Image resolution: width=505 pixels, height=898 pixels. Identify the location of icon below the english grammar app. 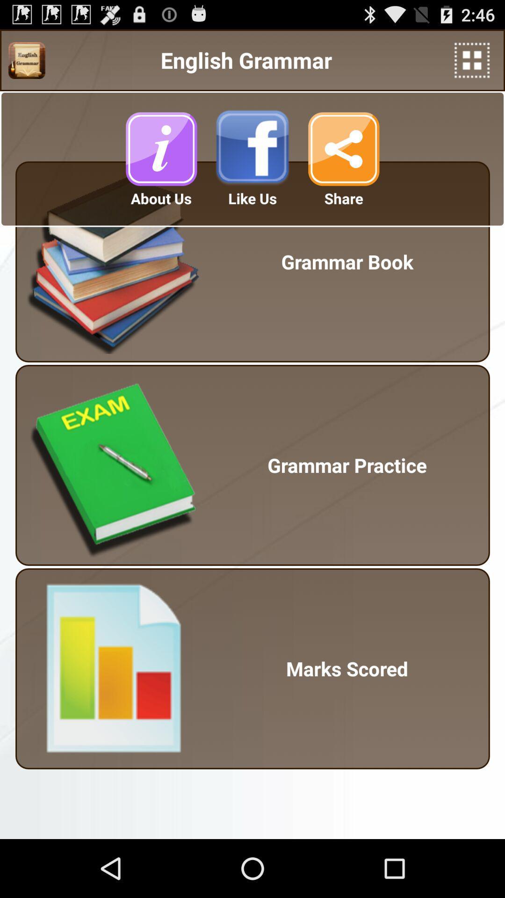
(252, 148).